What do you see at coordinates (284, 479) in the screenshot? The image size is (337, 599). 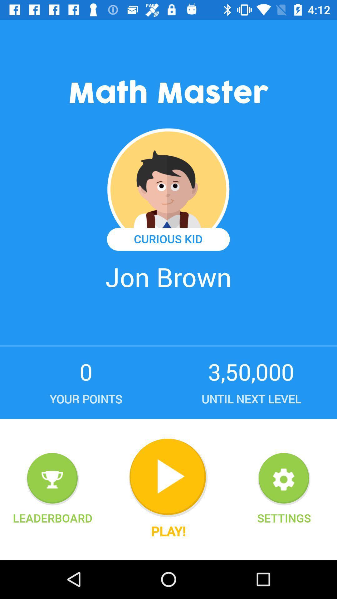 I see `icon above the settings icon` at bounding box center [284, 479].